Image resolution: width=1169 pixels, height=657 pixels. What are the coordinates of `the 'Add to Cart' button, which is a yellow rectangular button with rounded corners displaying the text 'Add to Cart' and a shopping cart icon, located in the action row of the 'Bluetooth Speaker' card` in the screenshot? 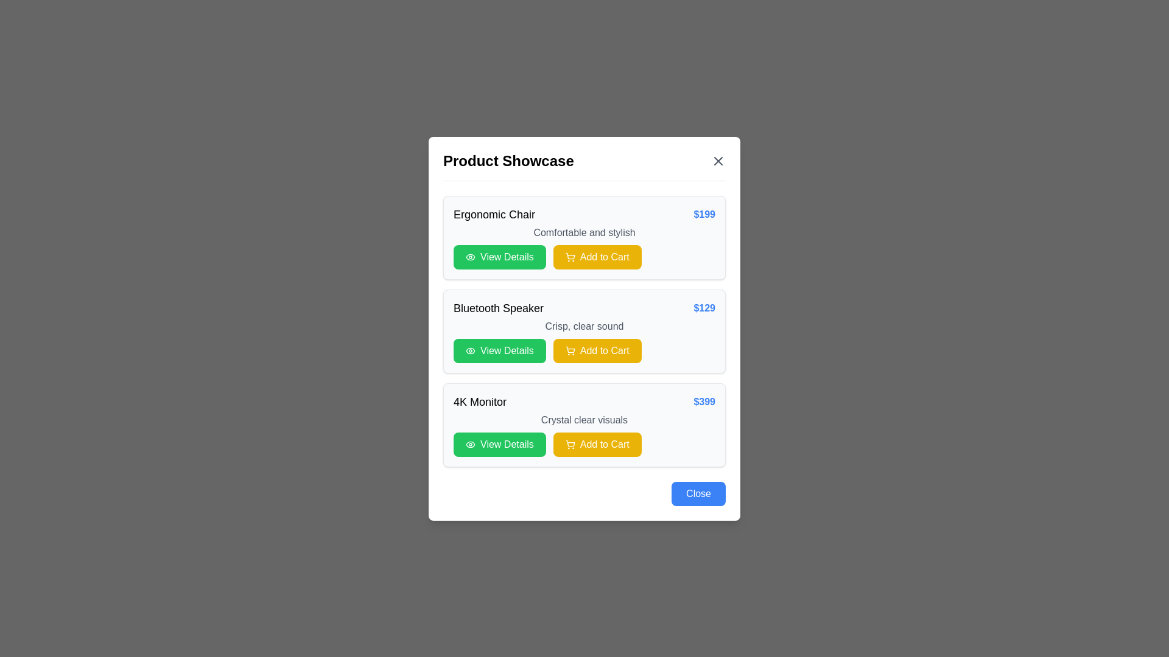 It's located at (584, 350).